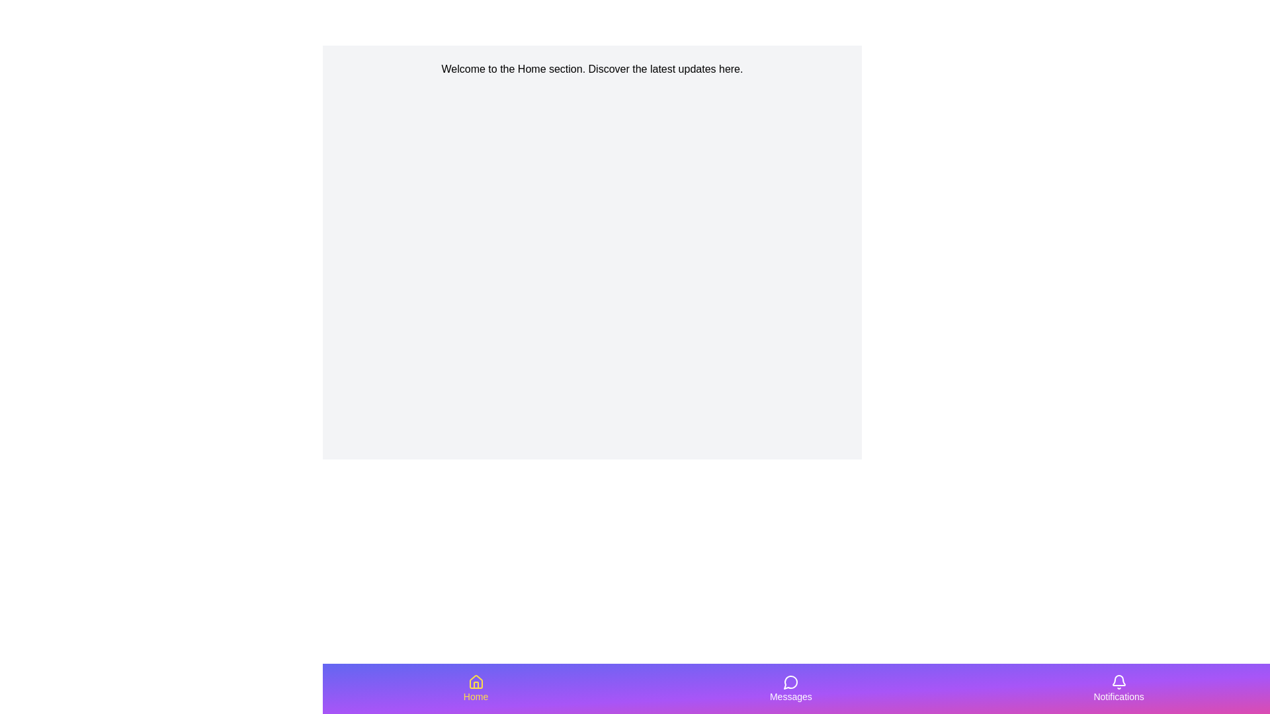  Describe the element at coordinates (476, 695) in the screenshot. I see `the hover animation effects of the 'Home' label displayed in yellow text, located centrally below the house icon in the navigation bar` at that location.